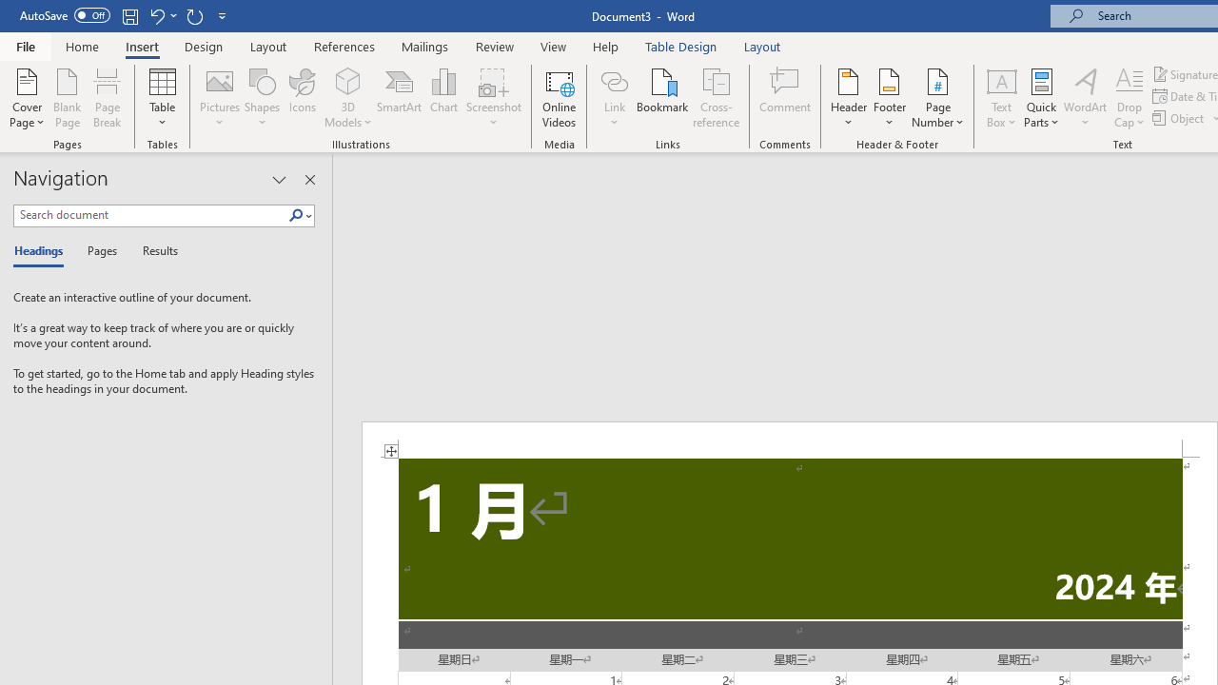  I want to click on 'Header', so click(848, 98).